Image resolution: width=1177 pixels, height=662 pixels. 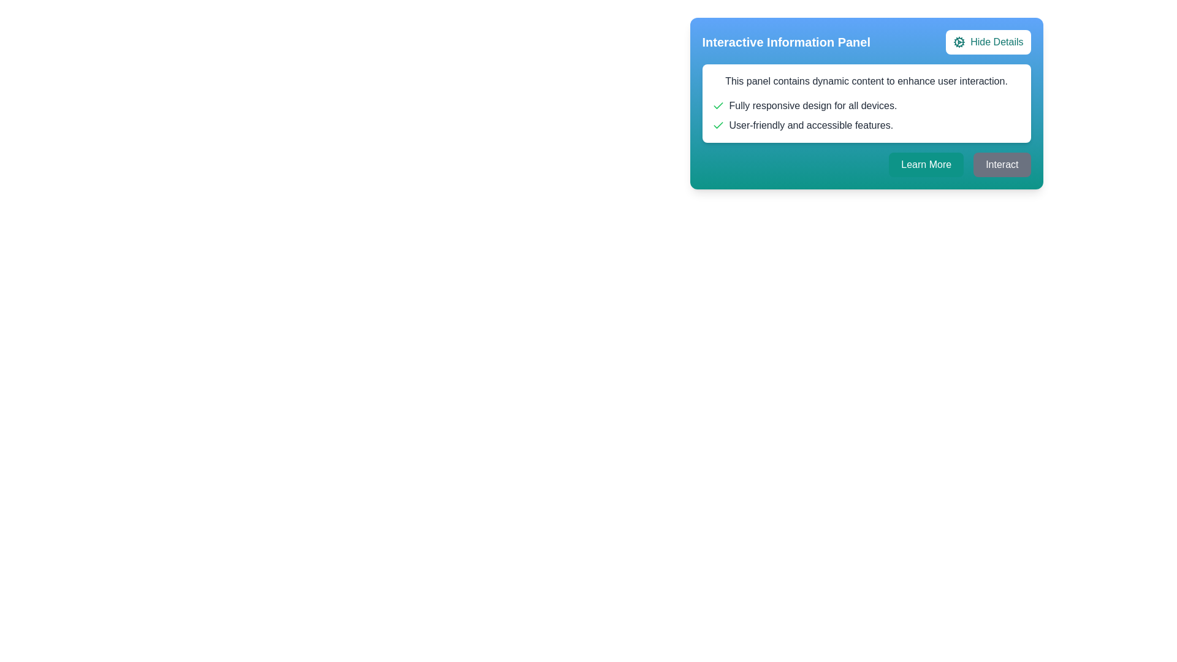 I want to click on the text label located at the top right of the information panel, so click(x=997, y=42).